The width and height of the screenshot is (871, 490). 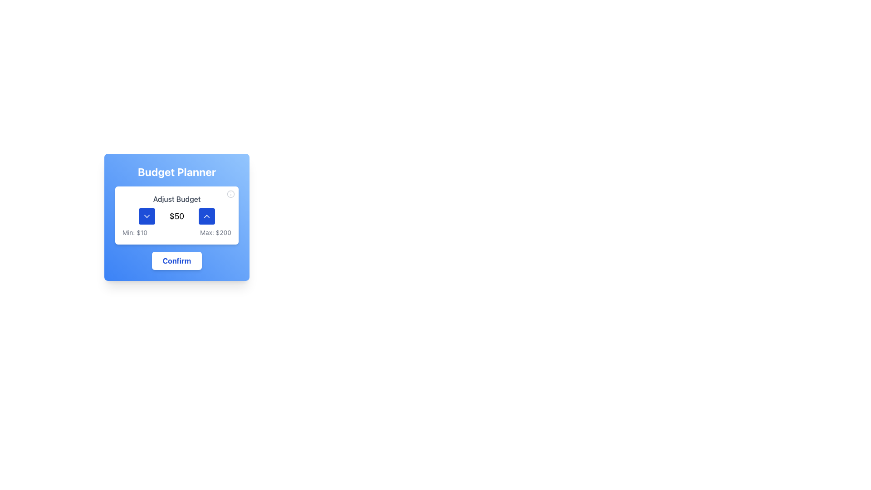 What do you see at coordinates (206, 216) in the screenshot?
I see `the increase value button located on the right-most side of the value adjustment component` at bounding box center [206, 216].